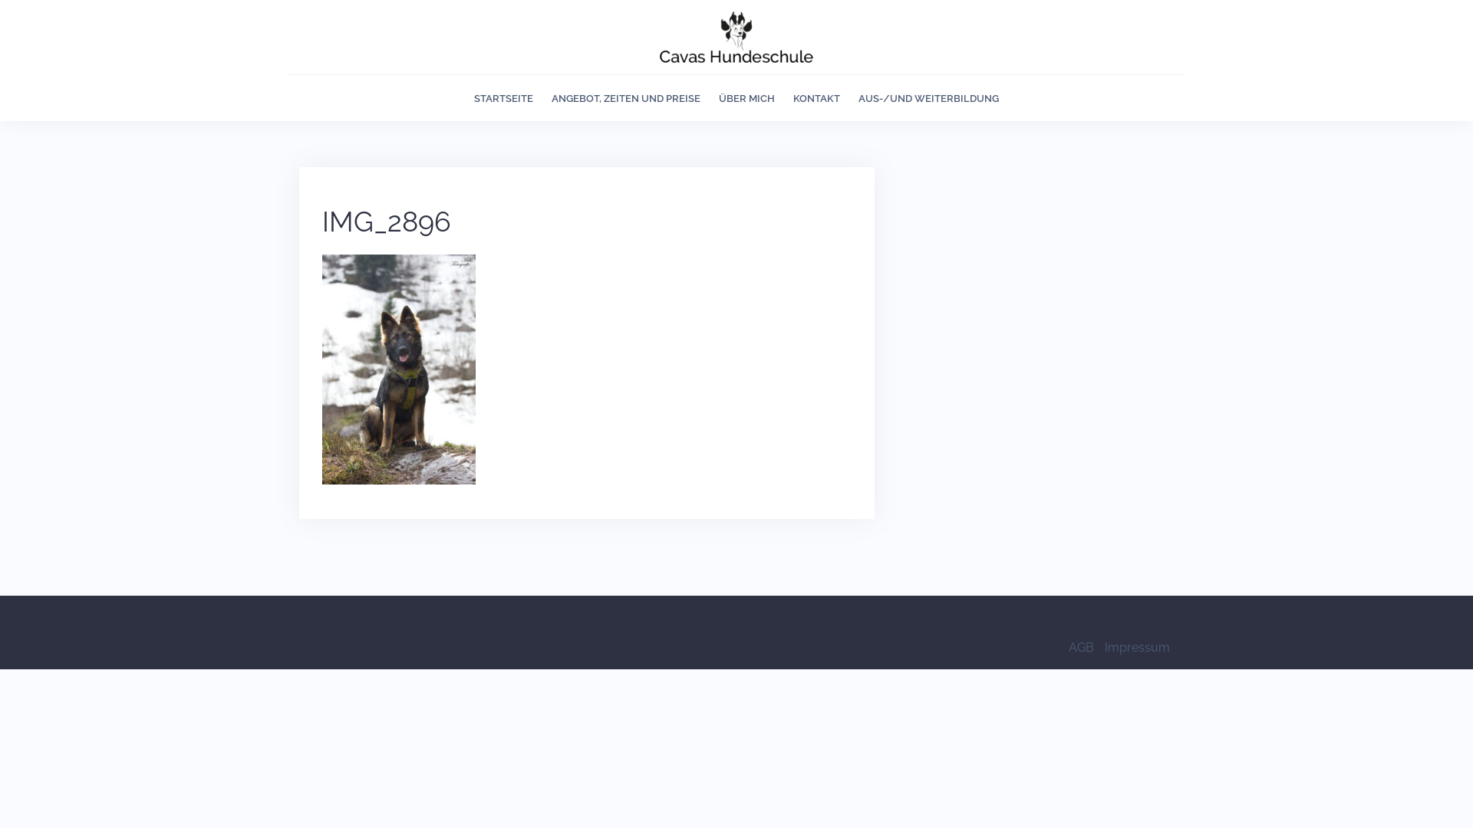 The image size is (1473, 828). I want to click on 'AUS-/UND WEITERBILDUNG', so click(928, 99).